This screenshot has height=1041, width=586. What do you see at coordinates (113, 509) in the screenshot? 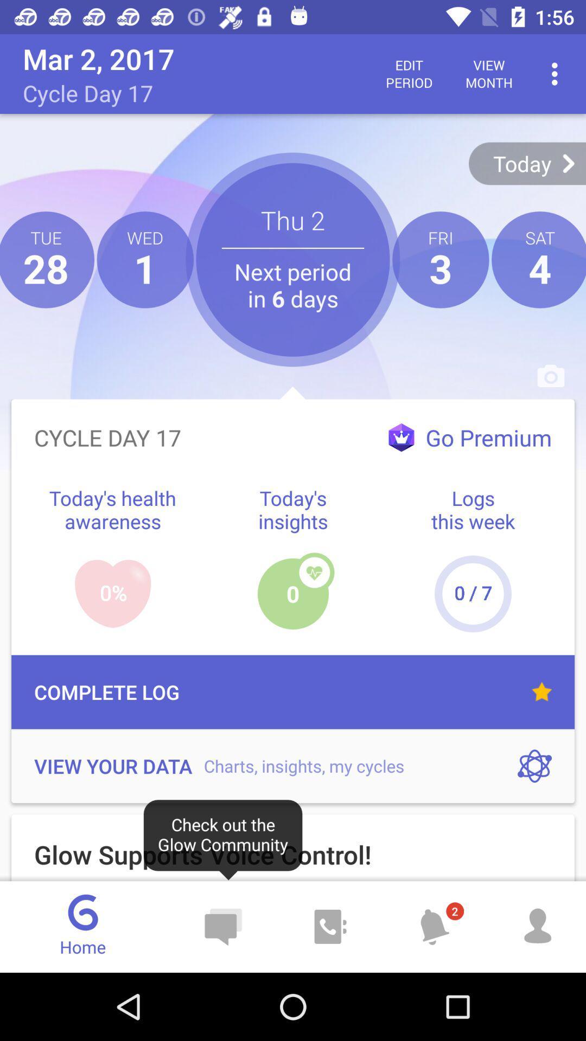
I see `blue text left to todays insights` at bounding box center [113, 509].